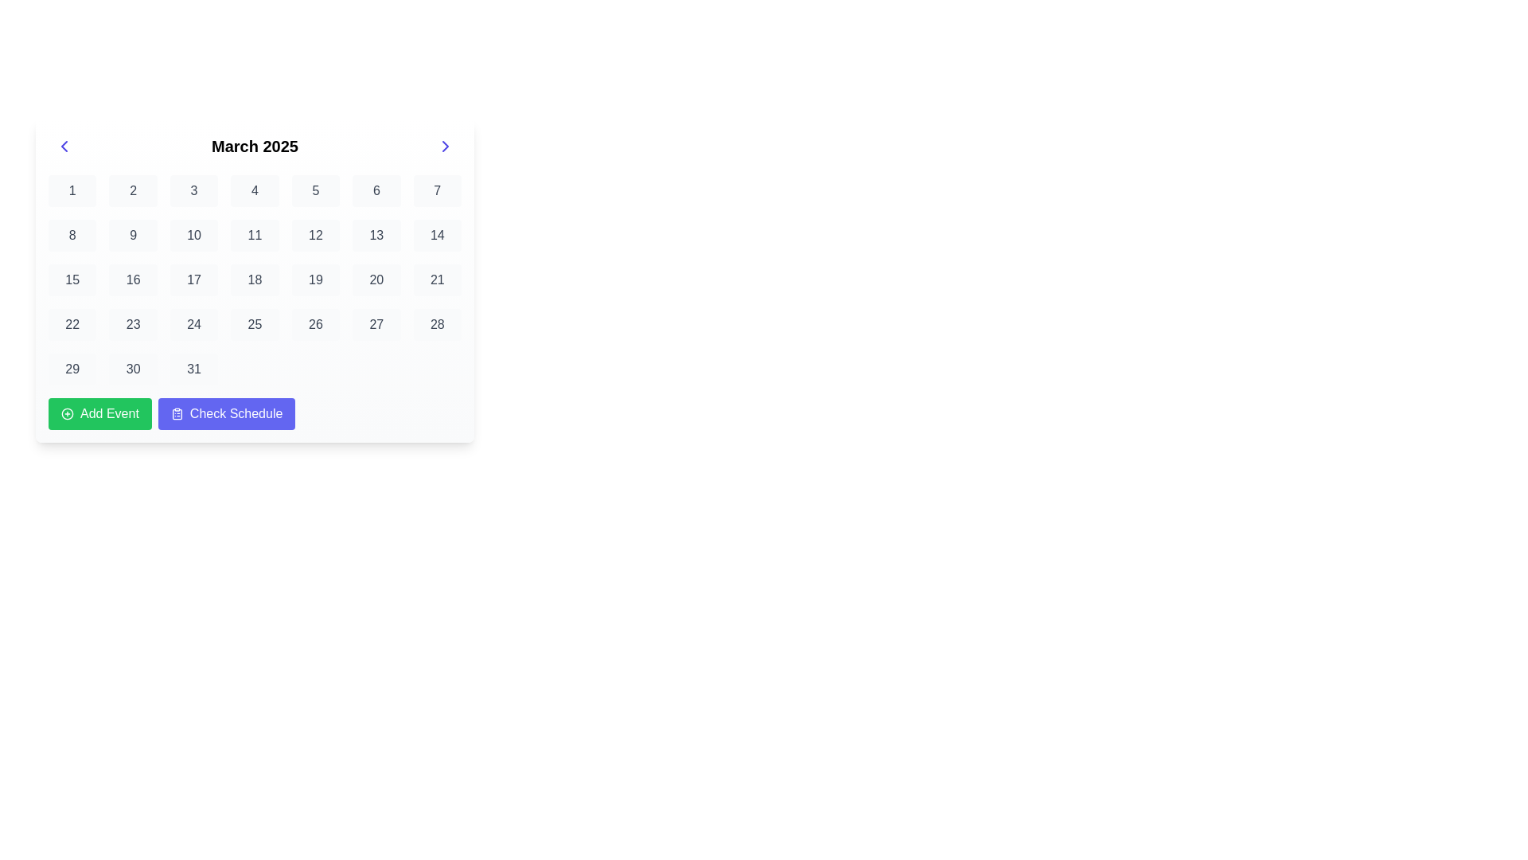 This screenshot has height=860, width=1528. What do you see at coordinates (437, 279) in the screenshot?
I see `the button representing the date 21st in the March 2025 calendar, located in the sixth column of the fourth row` at bounding box center [437, 279].